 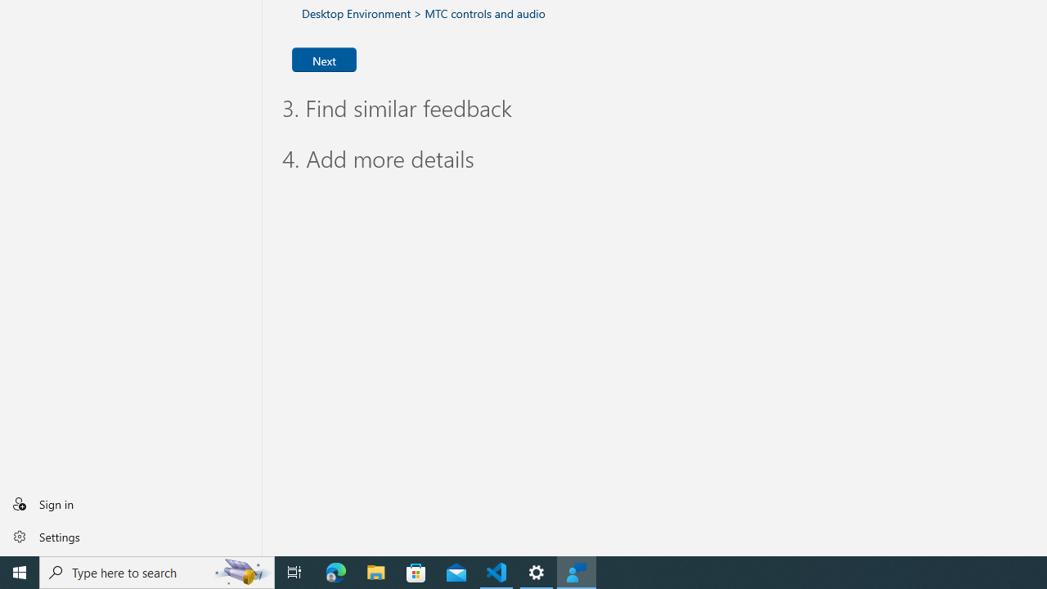 What do you see at coordinates (537, 571) in the screenshot?
I see `'Settings - 1 running window'` at bounding box center [537, 571].